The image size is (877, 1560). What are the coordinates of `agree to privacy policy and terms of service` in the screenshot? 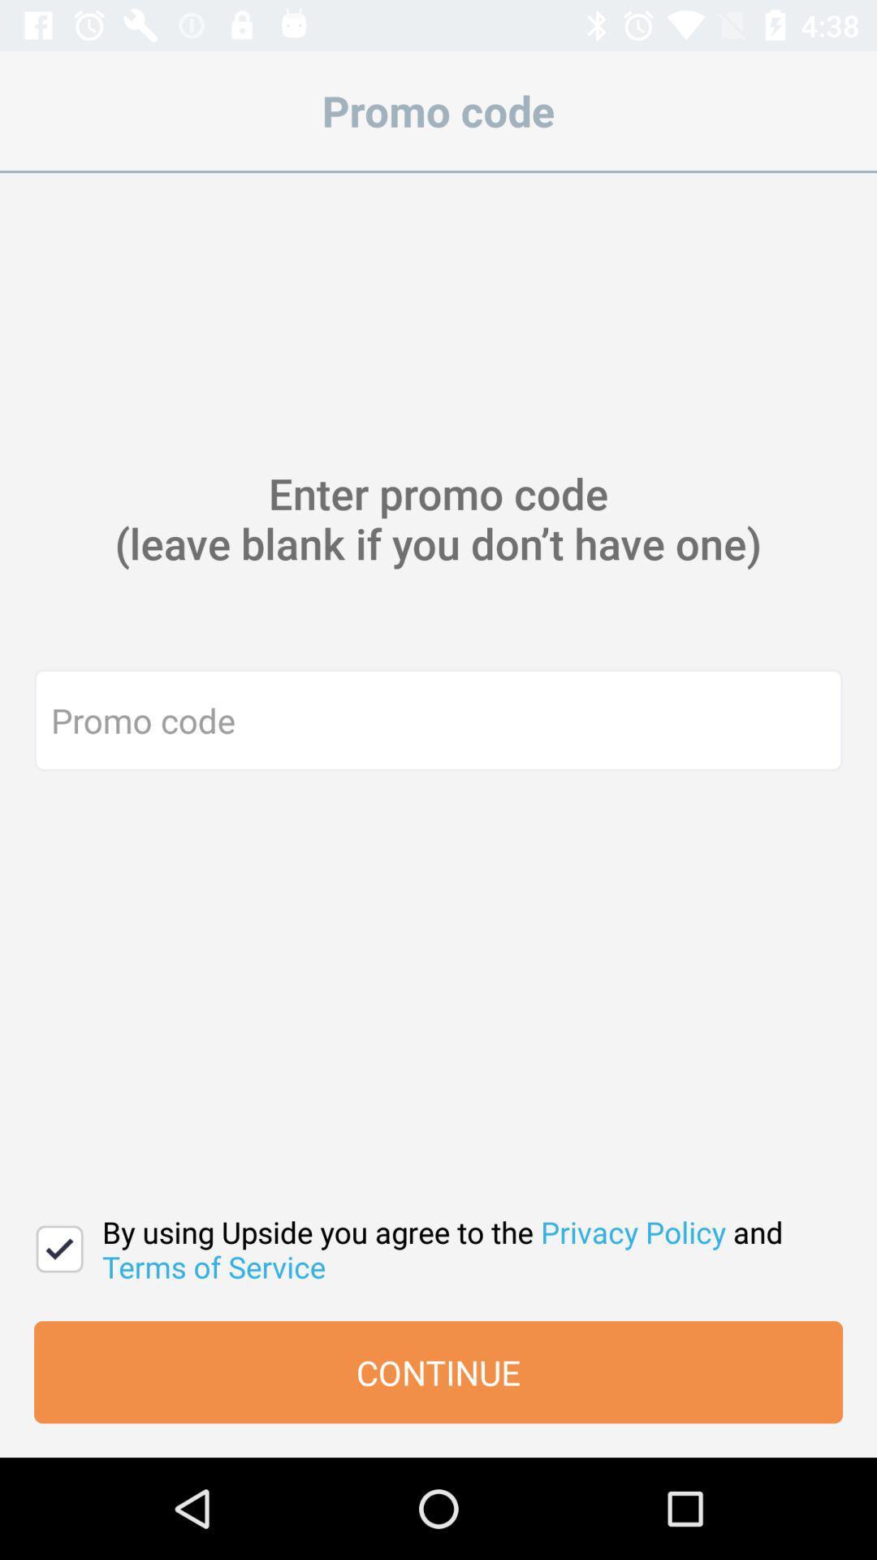 It's located at (58, 1248).